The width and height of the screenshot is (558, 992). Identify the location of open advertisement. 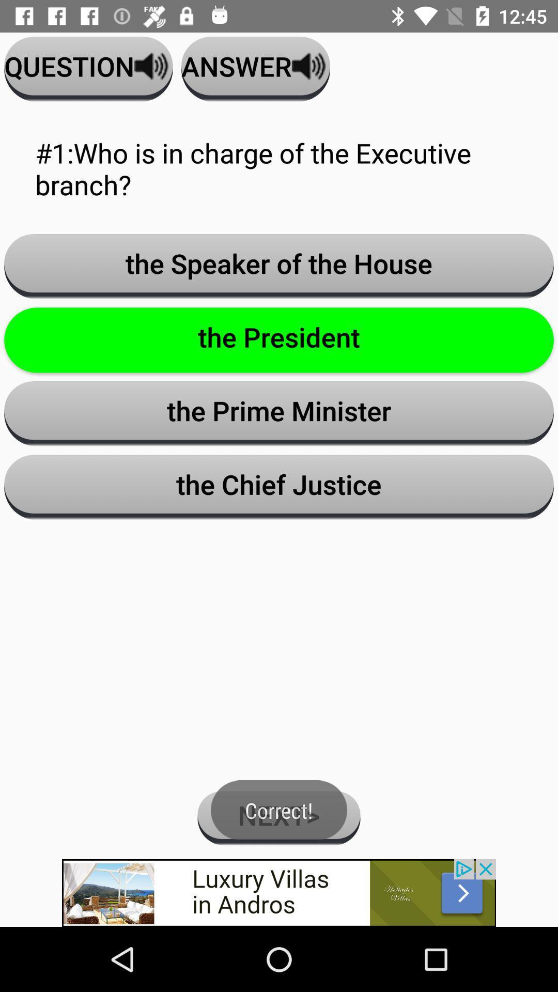
(279, 892).